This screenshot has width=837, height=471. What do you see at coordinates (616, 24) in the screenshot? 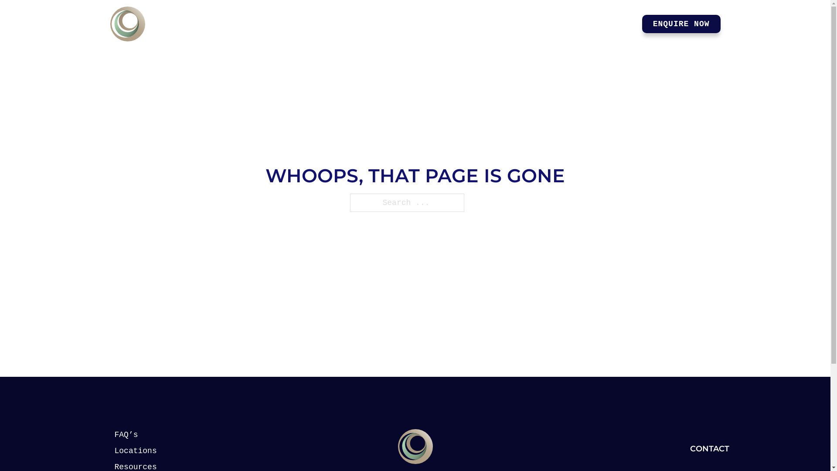
I see `'ABOUT'` at bounding box center [616, 24].